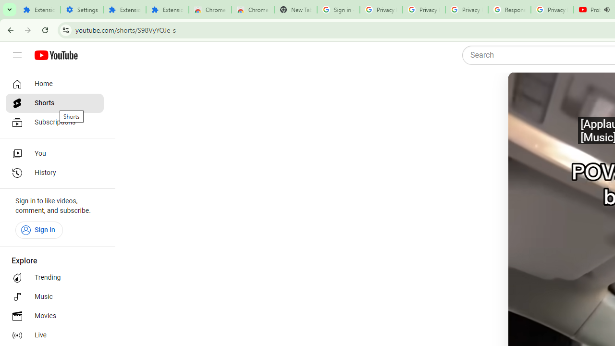 This screenshot has height=346, width=615. I want to click on 'Home', so click(54, 83).